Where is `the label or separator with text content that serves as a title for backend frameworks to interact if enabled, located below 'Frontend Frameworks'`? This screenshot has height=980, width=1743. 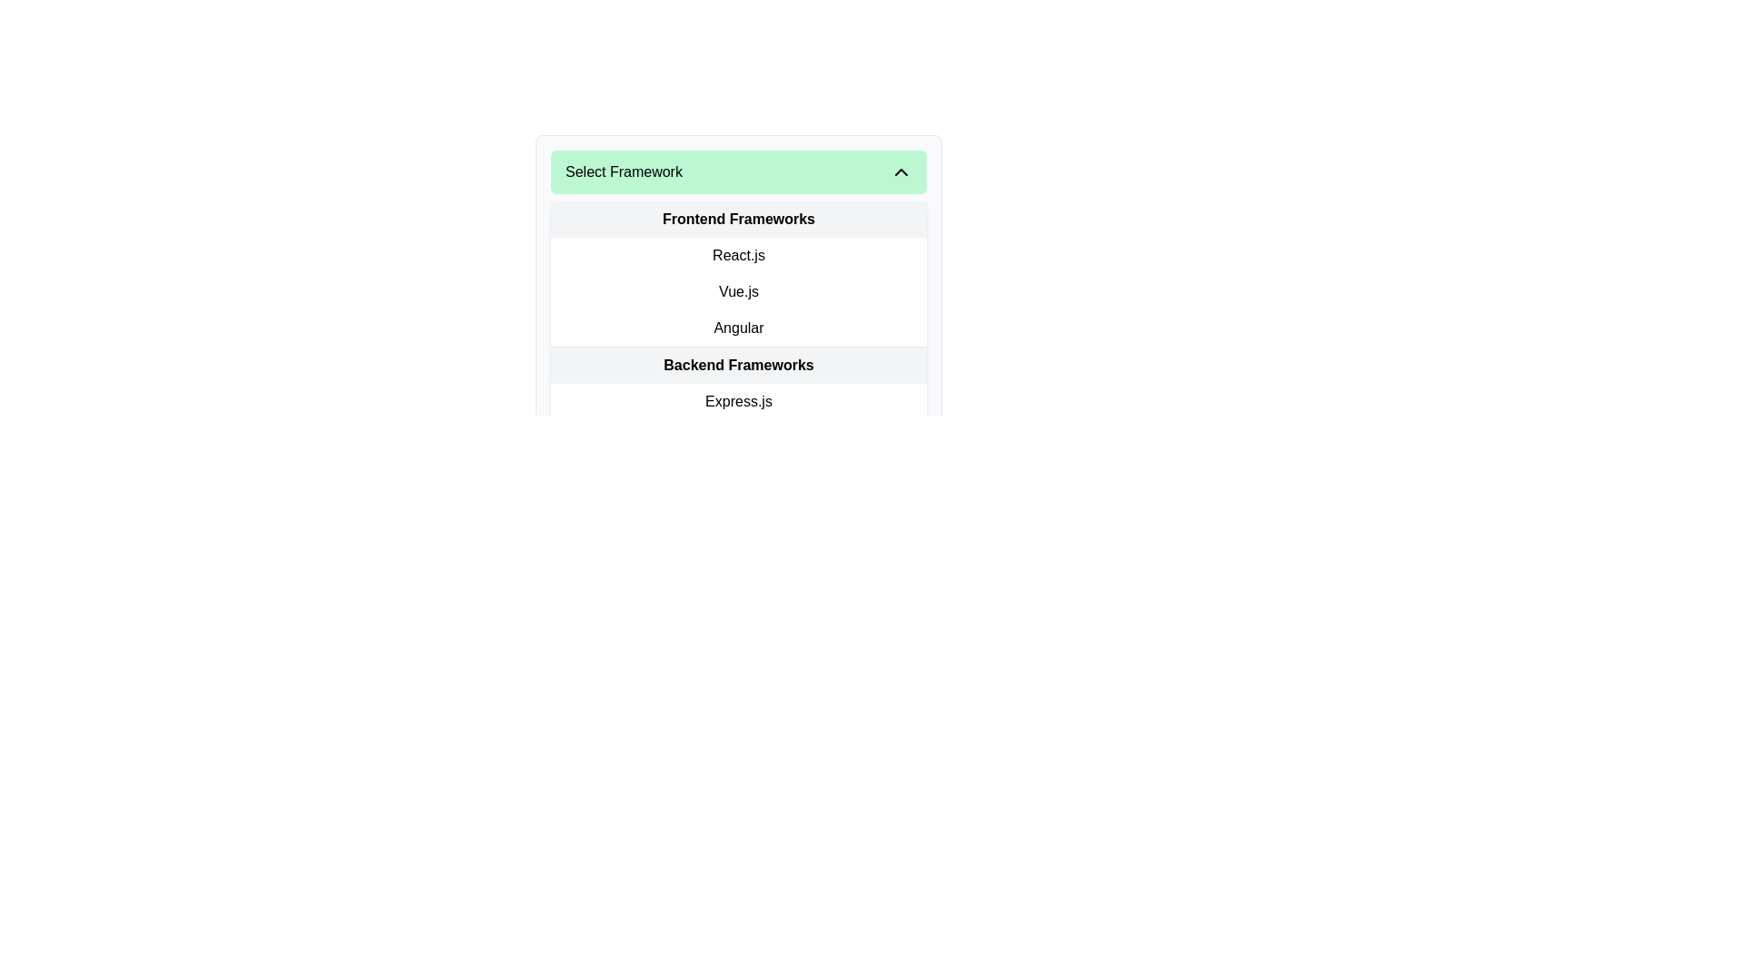
the label or separator with text content that serves as a title for backend frameworks to interact if enabled, located below 'Frontend Frameworks' is located at coordinates (739, 365).